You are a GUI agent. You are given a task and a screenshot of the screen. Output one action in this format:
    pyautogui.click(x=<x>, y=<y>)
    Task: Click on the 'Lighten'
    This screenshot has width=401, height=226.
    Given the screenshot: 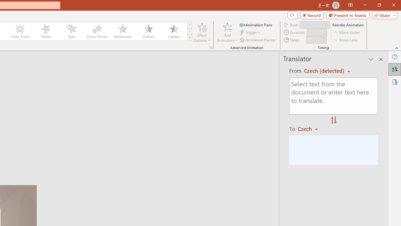 What is the action you would take?
    pyautogui.click(x=174, y=31)
    